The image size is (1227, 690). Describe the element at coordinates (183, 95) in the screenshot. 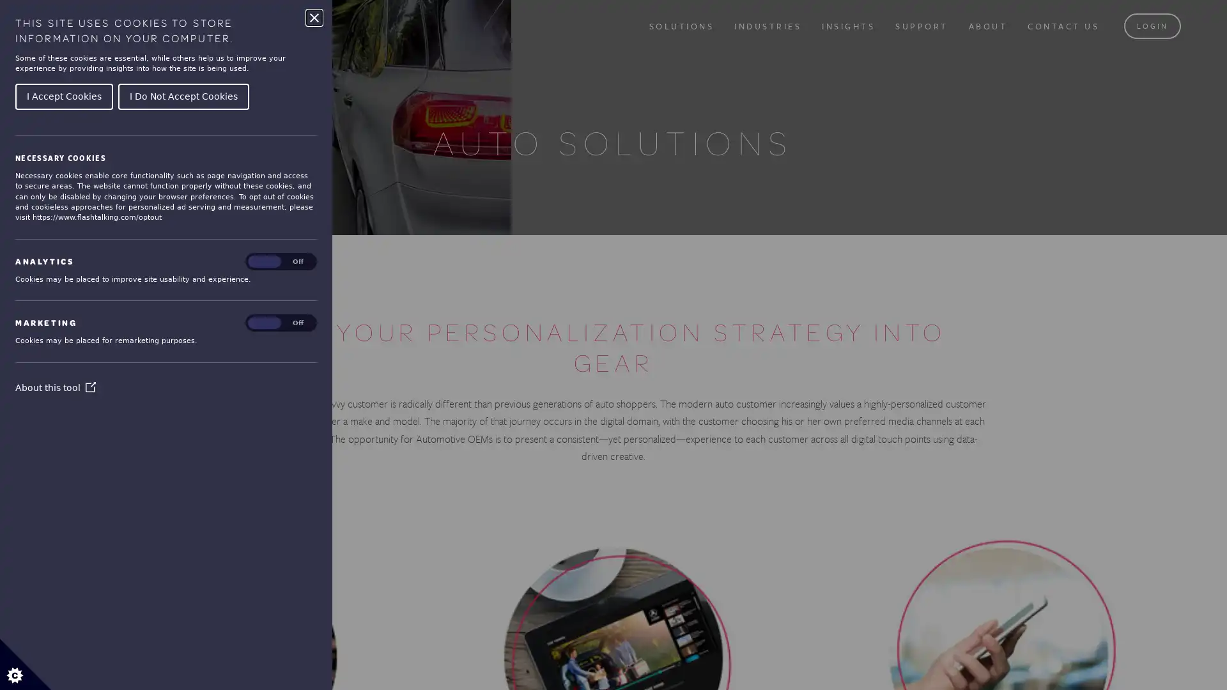

I see `I Do Not Accept Cookies` at that location.